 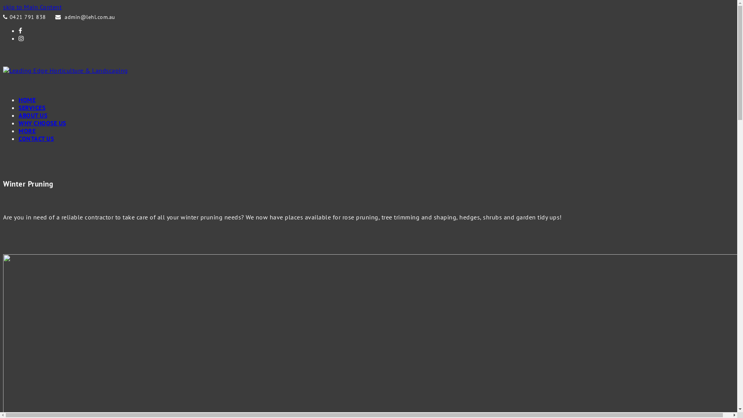 What do you see at coordinates (36, 138) in the screenshot?
I see `'CONTACT US'` at bounding box center [36, 138].